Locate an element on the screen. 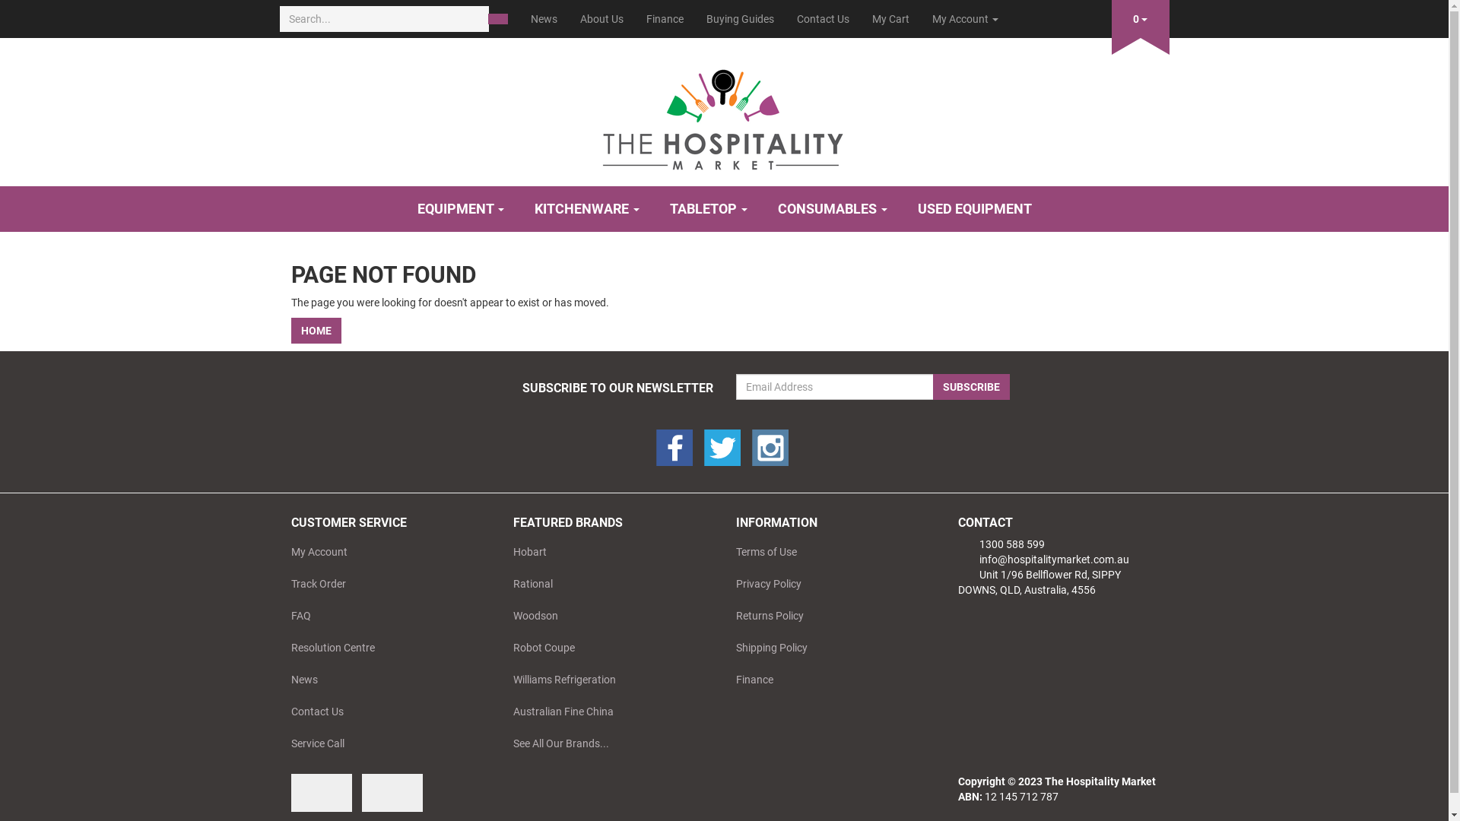 The height and width of the screenshot is (821, 1460). 'Search' is located at coordinates (497, 18).